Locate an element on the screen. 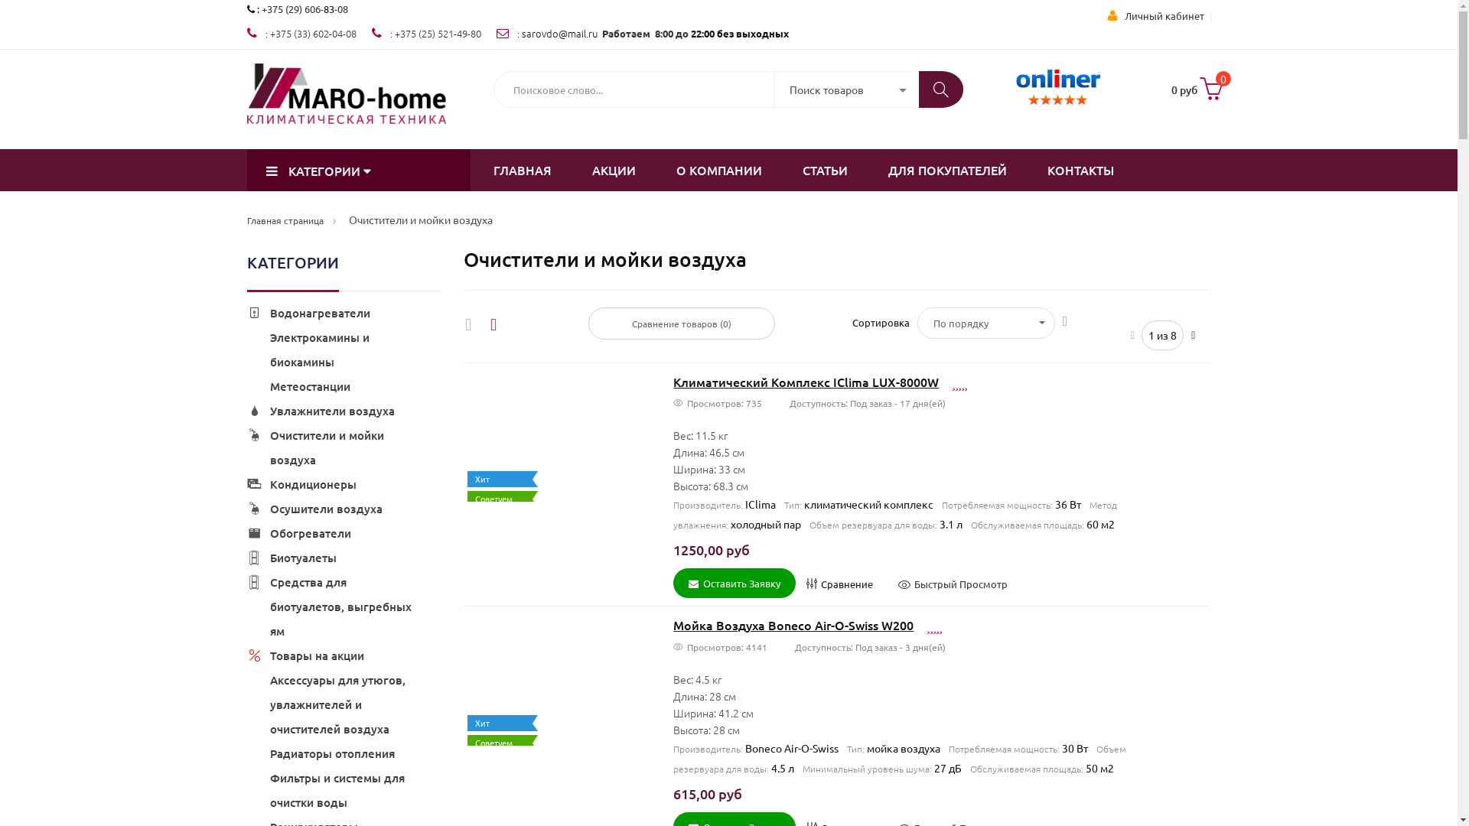 The height and width of the screenshot is (826, 1469). '+375 (33) 602-04-08' is located at coordinates (269, 33).